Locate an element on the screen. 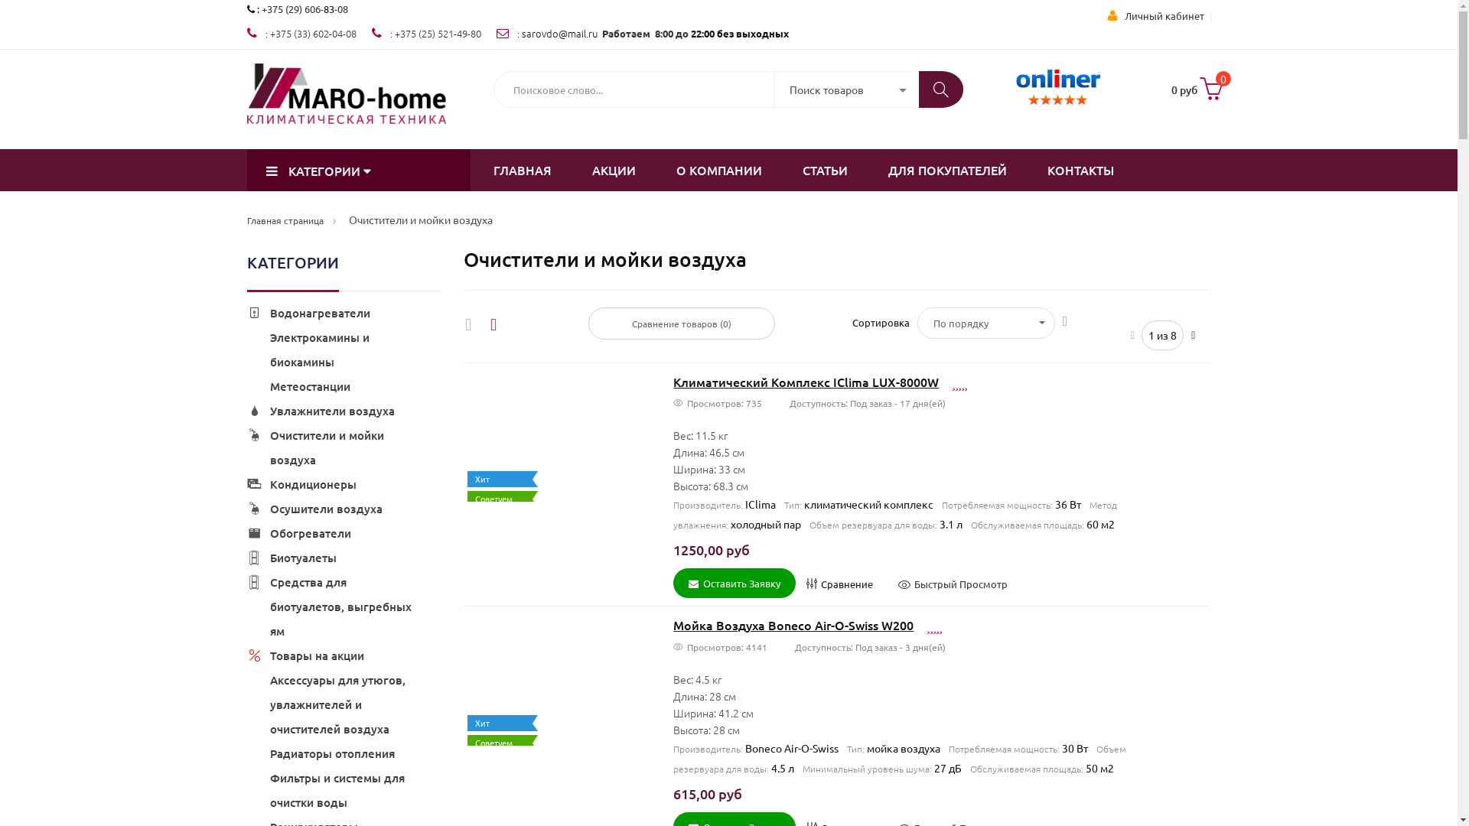 The height and width of the screenshot is (826, 1469). '+375 (33) 602-04-08' is located at coordinates (269, 33).